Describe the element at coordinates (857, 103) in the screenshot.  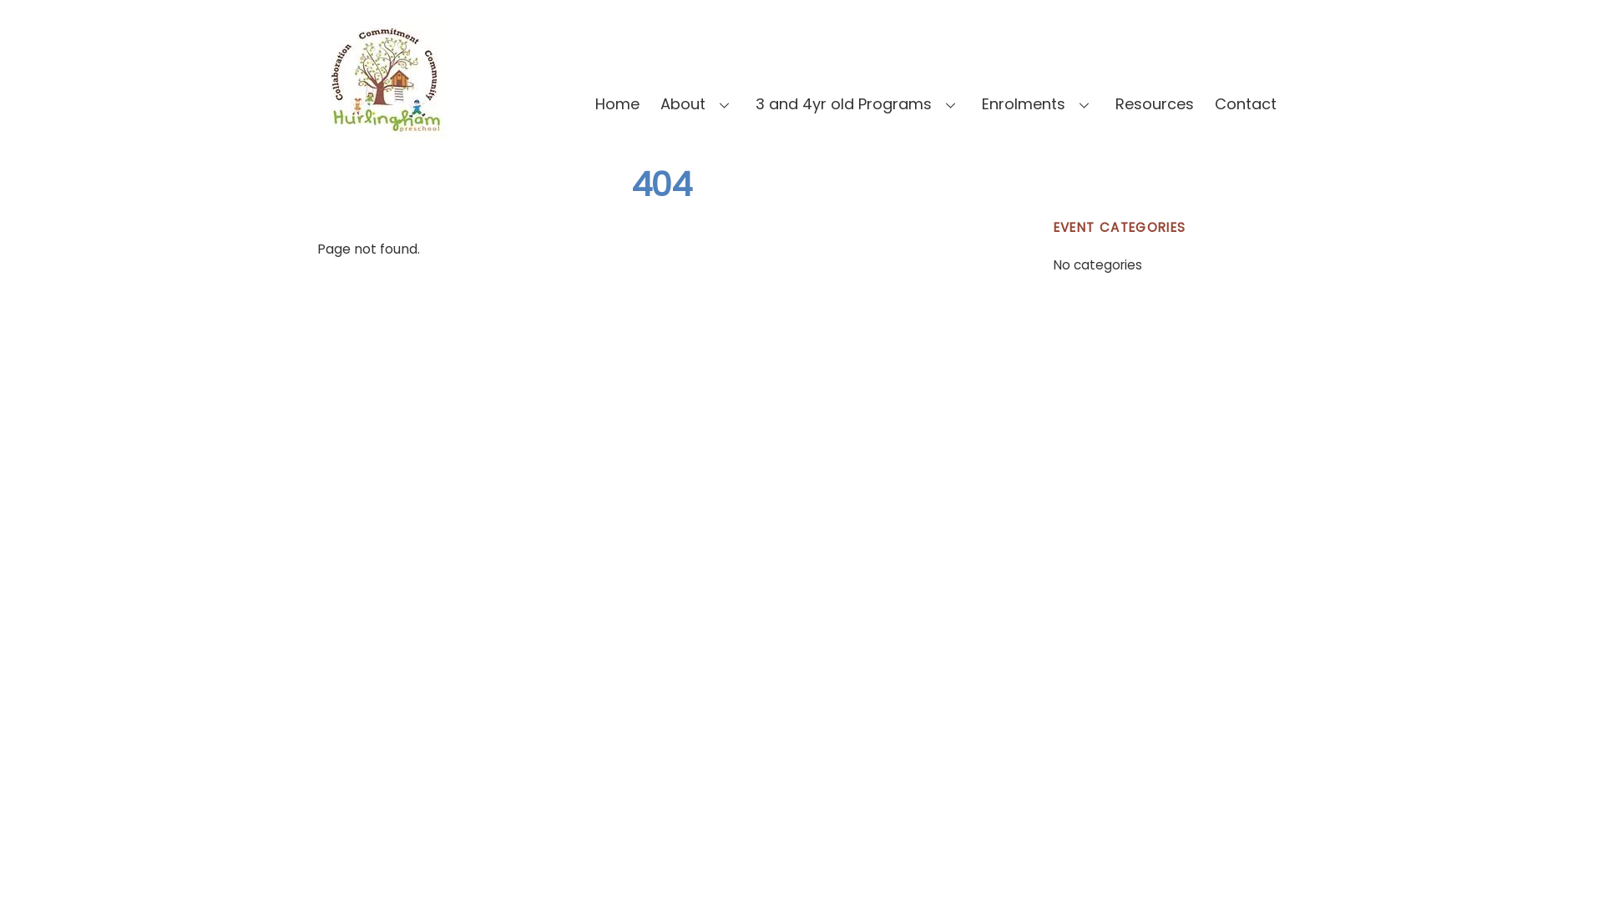
I see `'3 and 4yr old Programs'` at that location.